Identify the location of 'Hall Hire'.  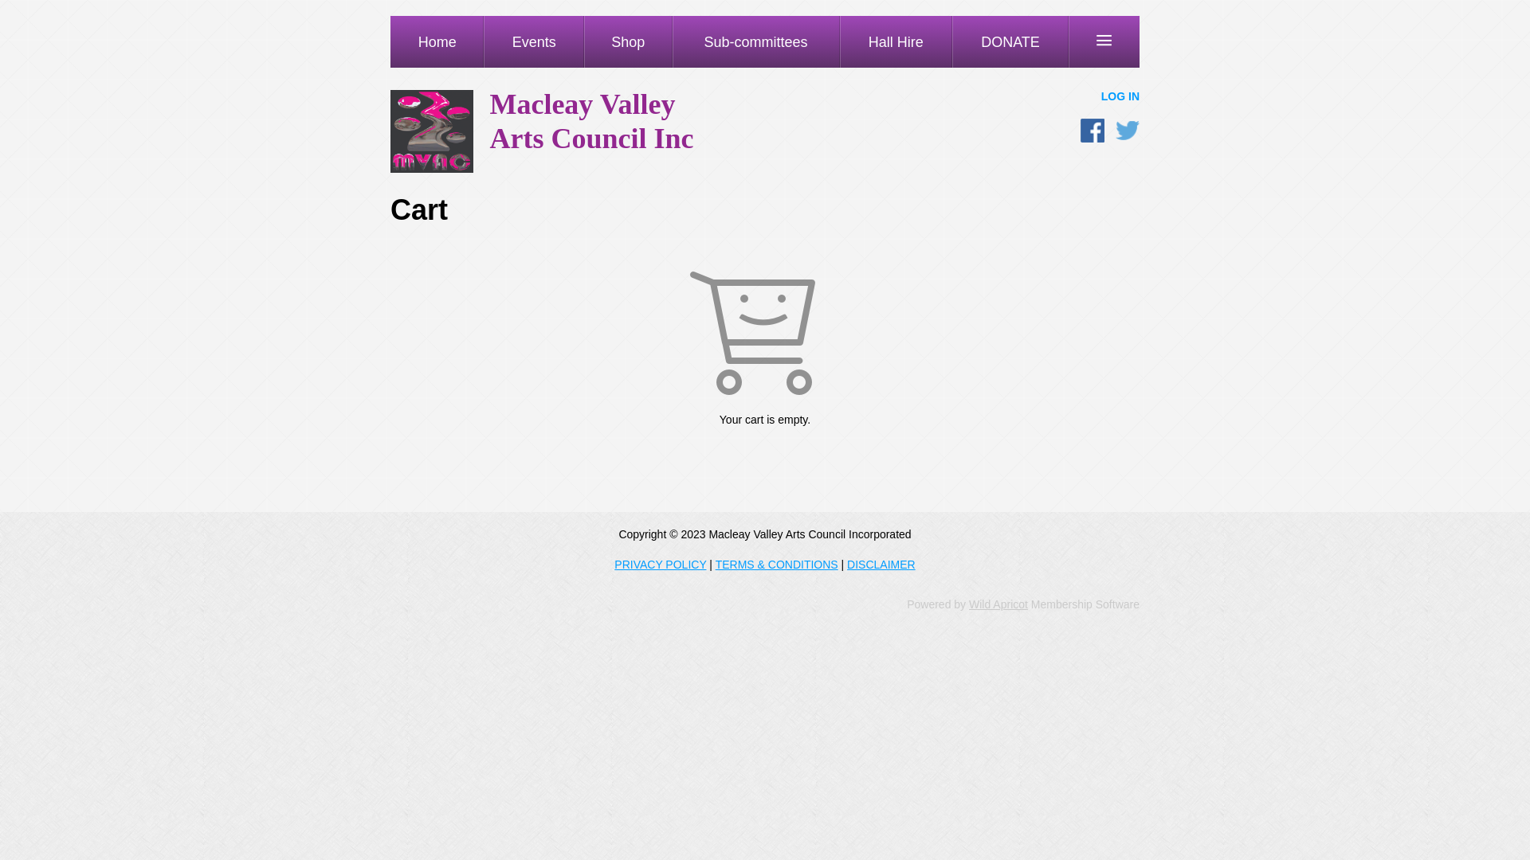
(896, 41).